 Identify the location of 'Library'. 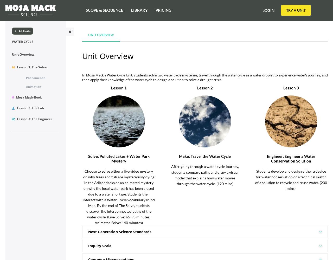
(131, 10).